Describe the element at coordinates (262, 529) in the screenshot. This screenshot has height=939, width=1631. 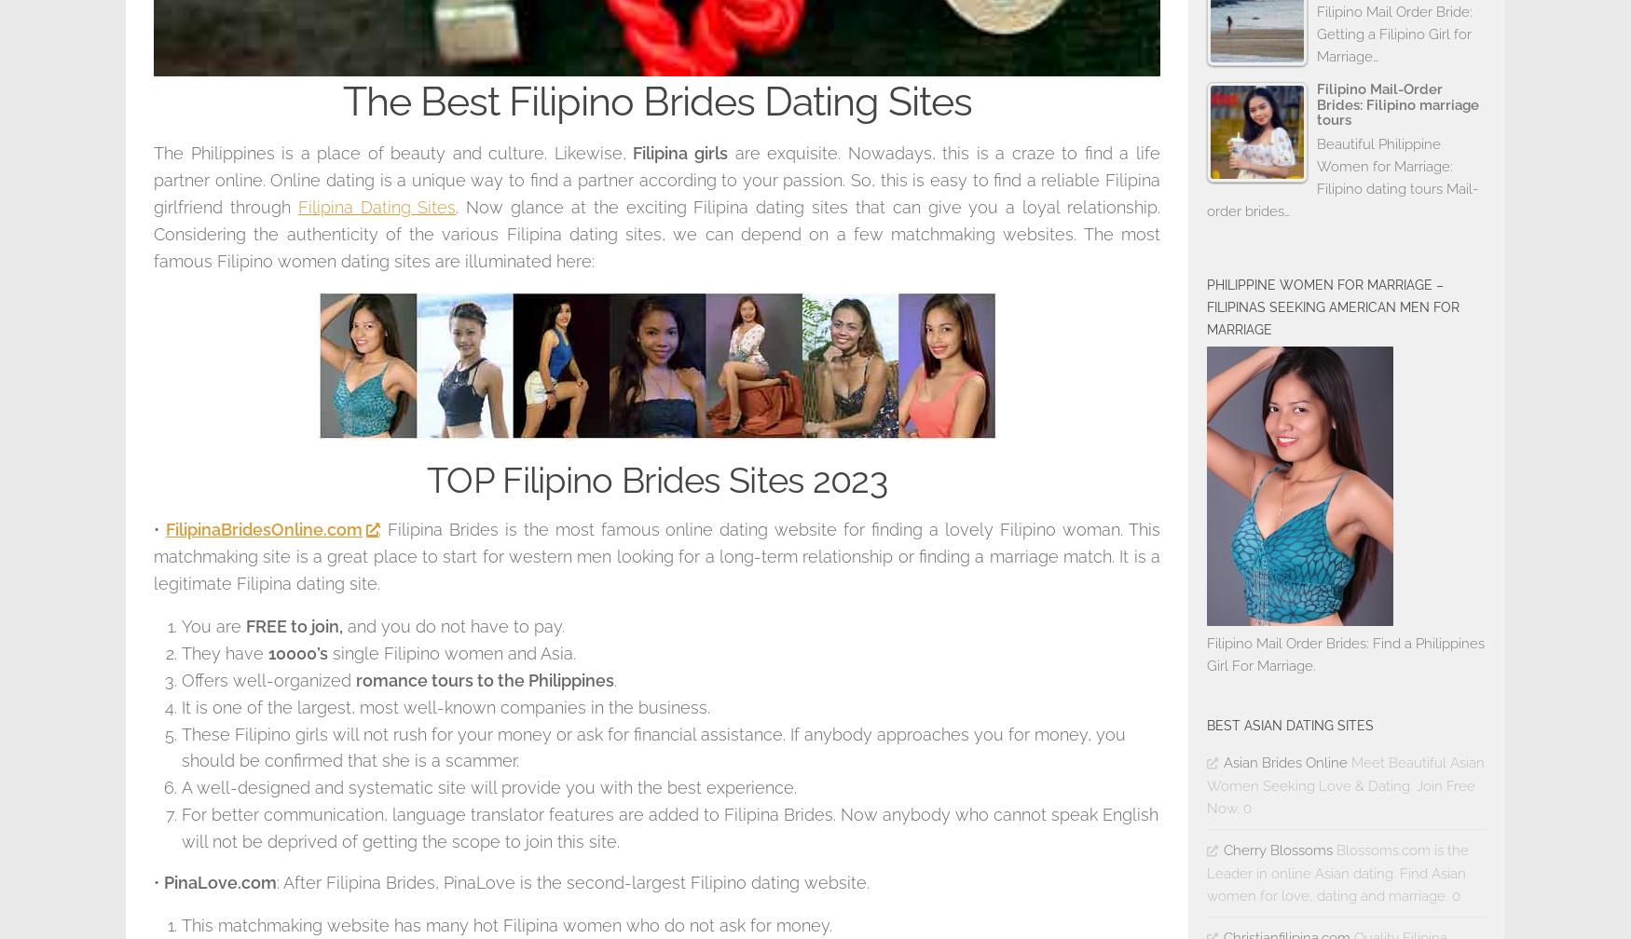
I see `'FilipinaBridesOnline.com'` at that location.